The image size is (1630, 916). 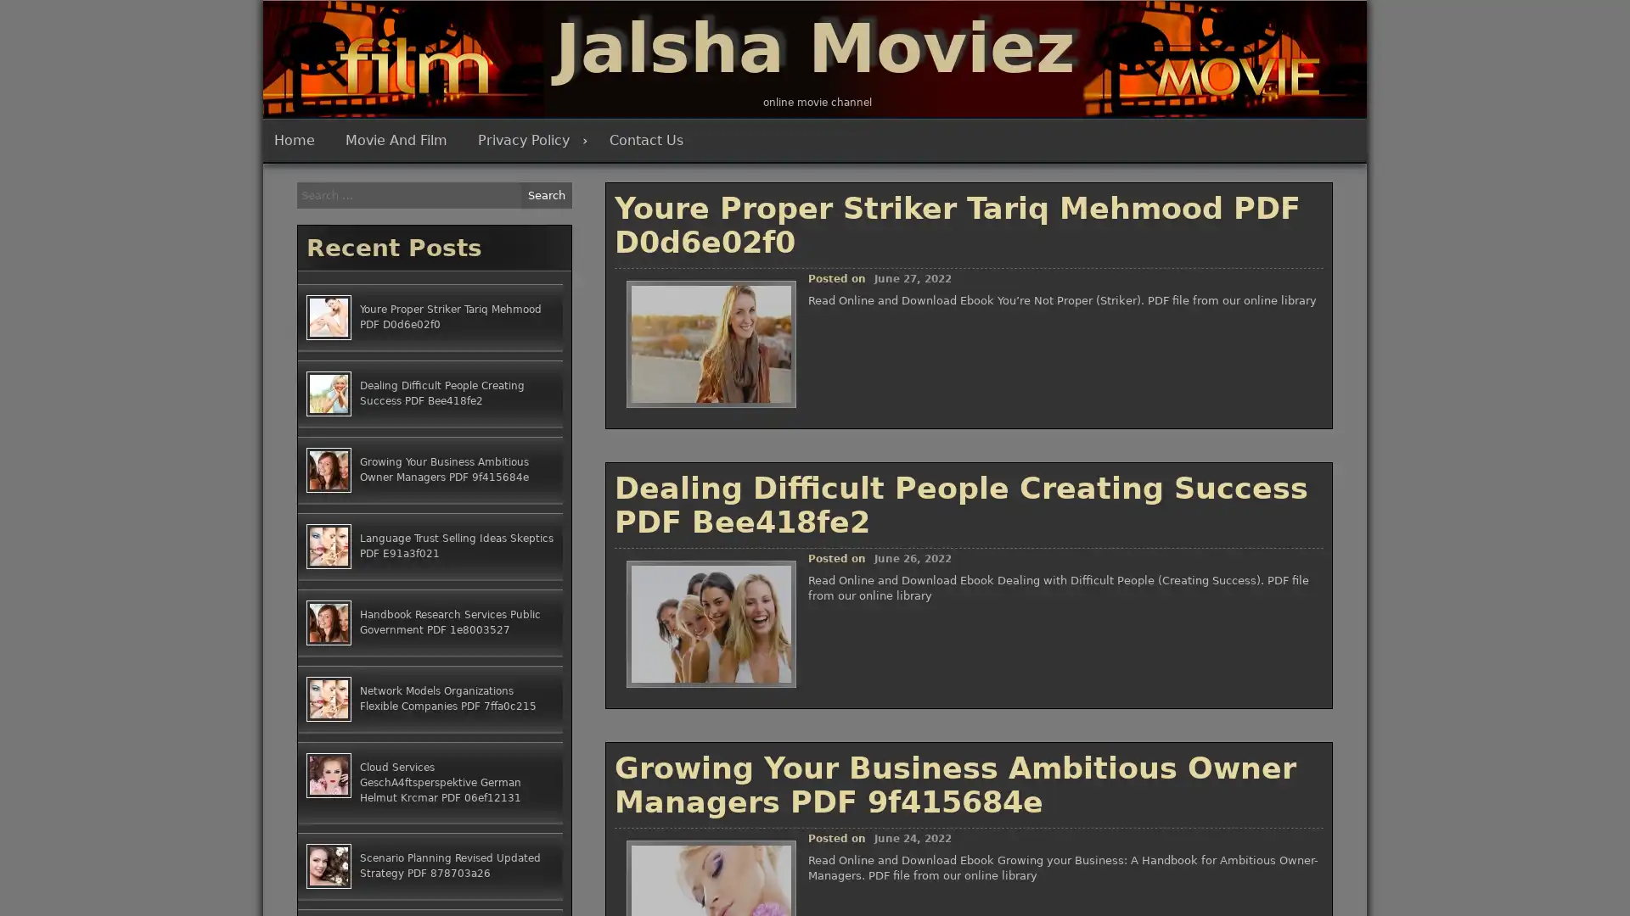 I want to click on Search, so click(x=546, y=194).